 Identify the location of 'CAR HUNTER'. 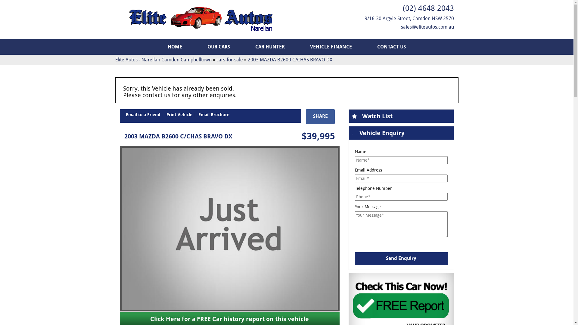
(270, 46).